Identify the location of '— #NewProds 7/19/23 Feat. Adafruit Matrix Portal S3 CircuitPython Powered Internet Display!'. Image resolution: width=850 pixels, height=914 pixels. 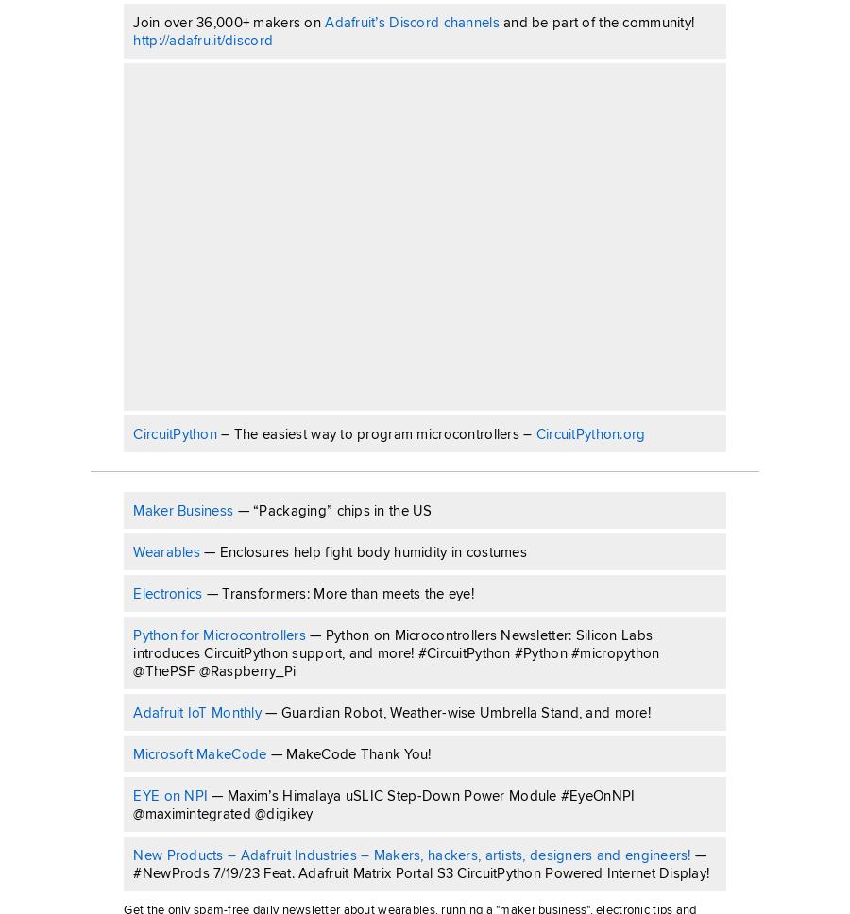
(421, 862).